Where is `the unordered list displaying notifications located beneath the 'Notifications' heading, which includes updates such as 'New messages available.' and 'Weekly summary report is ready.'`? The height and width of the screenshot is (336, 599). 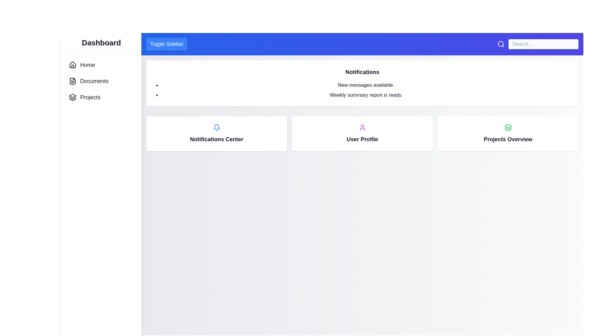
the unordered list displaying notifications located beneath the 'Notifications' heading, which includes updates such as 'New messages available.' and 'Weekly summary report is ready.' is located at coordinates (362, 90).